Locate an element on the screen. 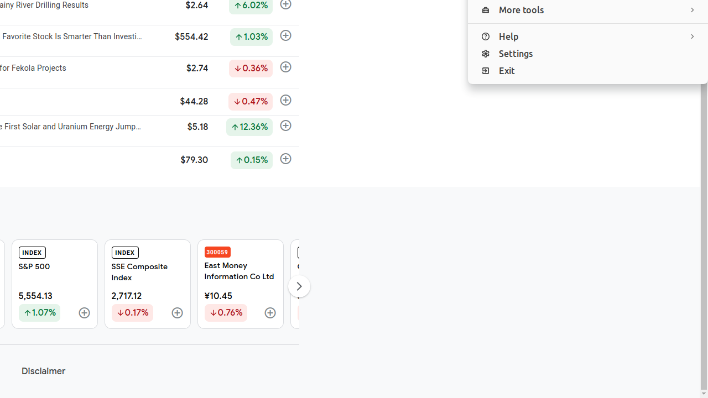  'More tools' is located at coordinates (587, 10).